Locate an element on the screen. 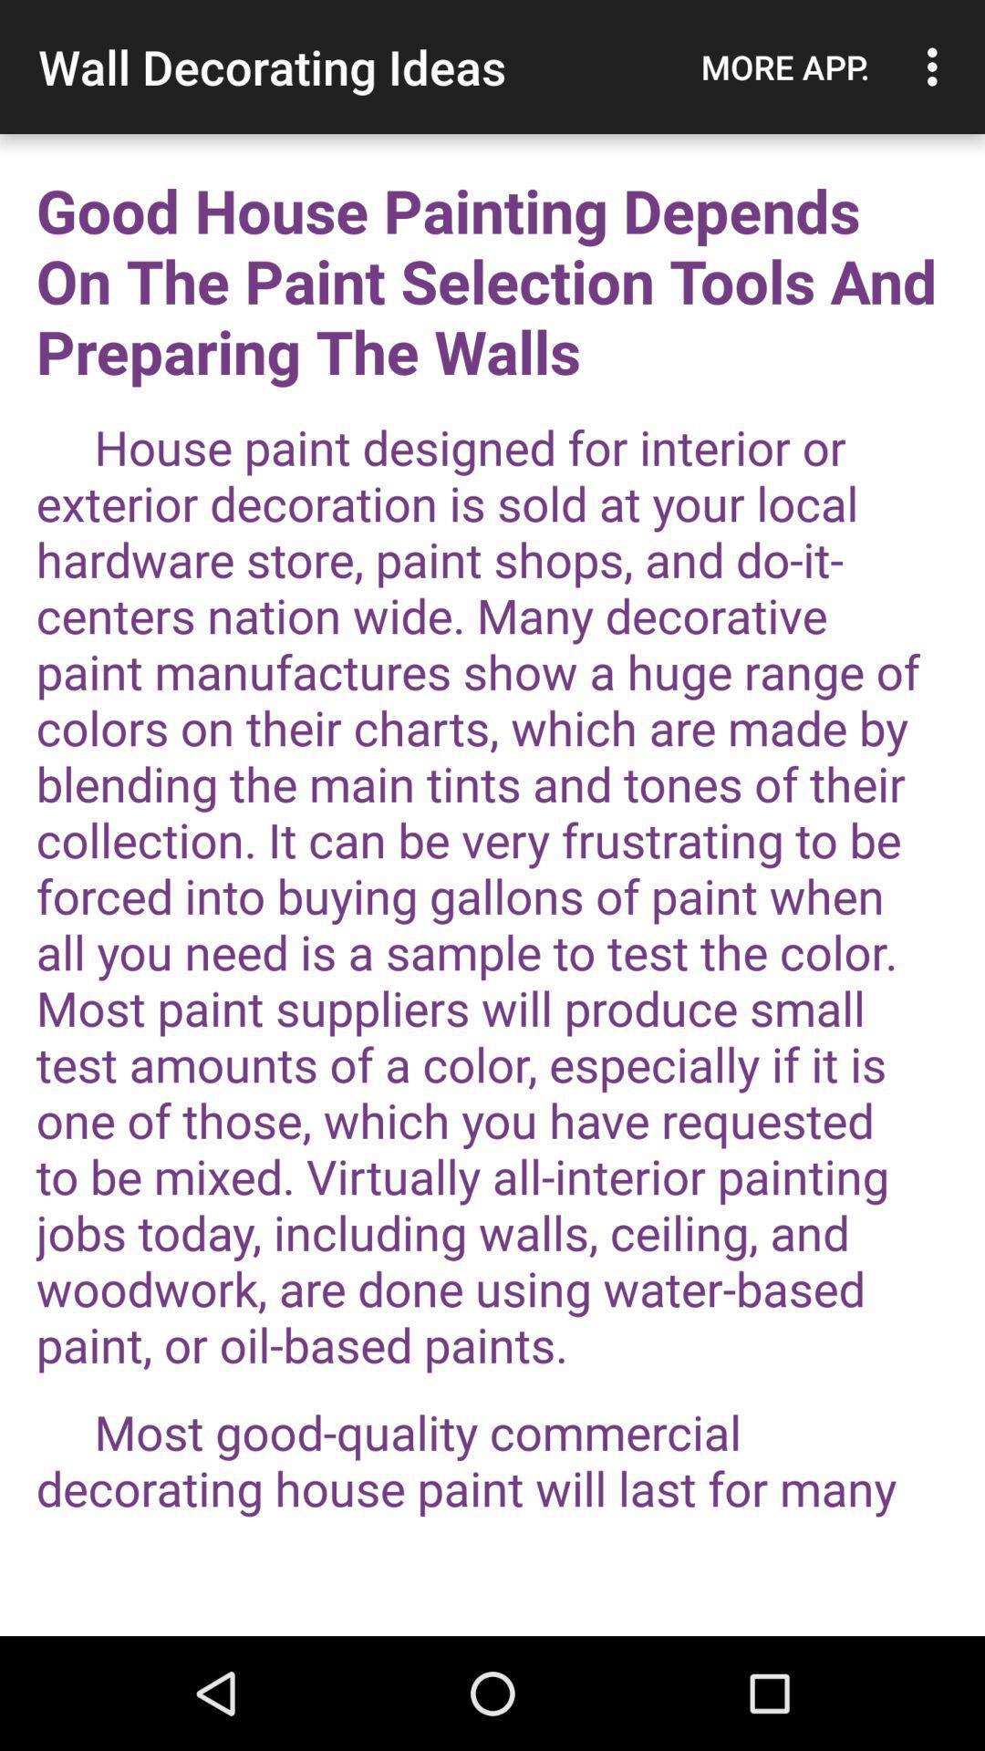  the more app. item is located at coordinates (784, 67).